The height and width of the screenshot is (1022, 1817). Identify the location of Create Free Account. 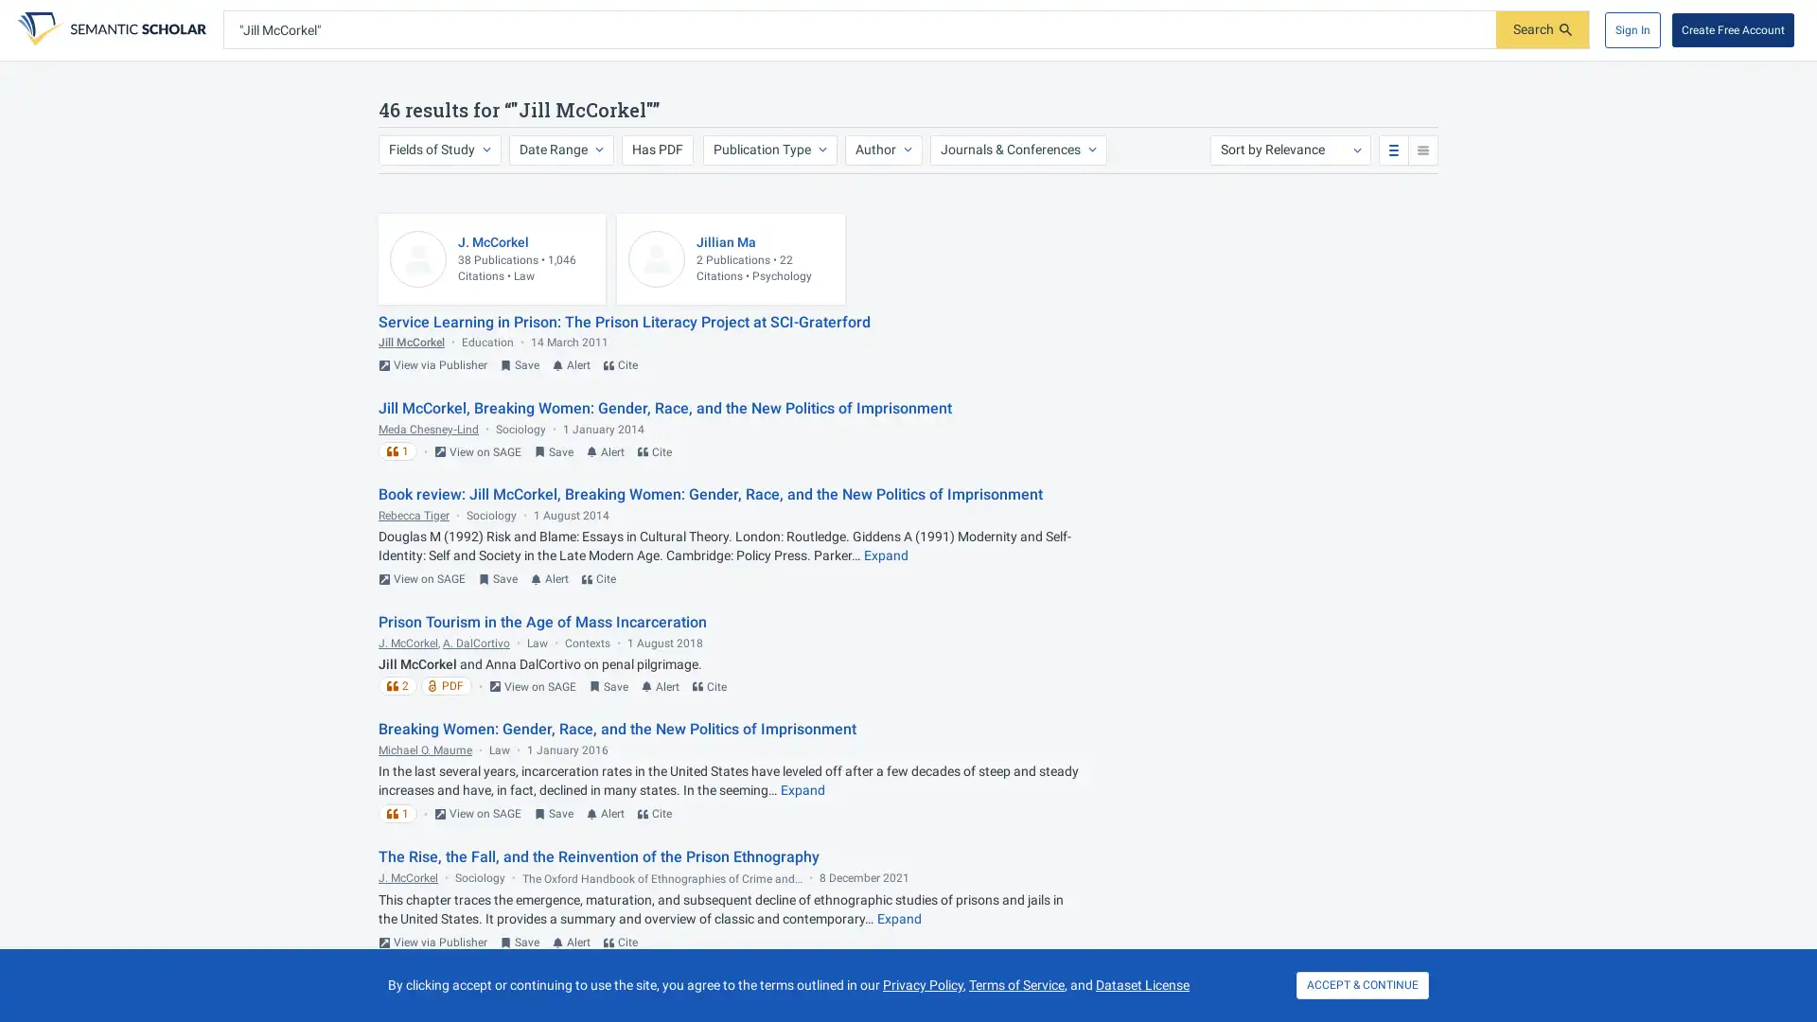
(1733, 29).